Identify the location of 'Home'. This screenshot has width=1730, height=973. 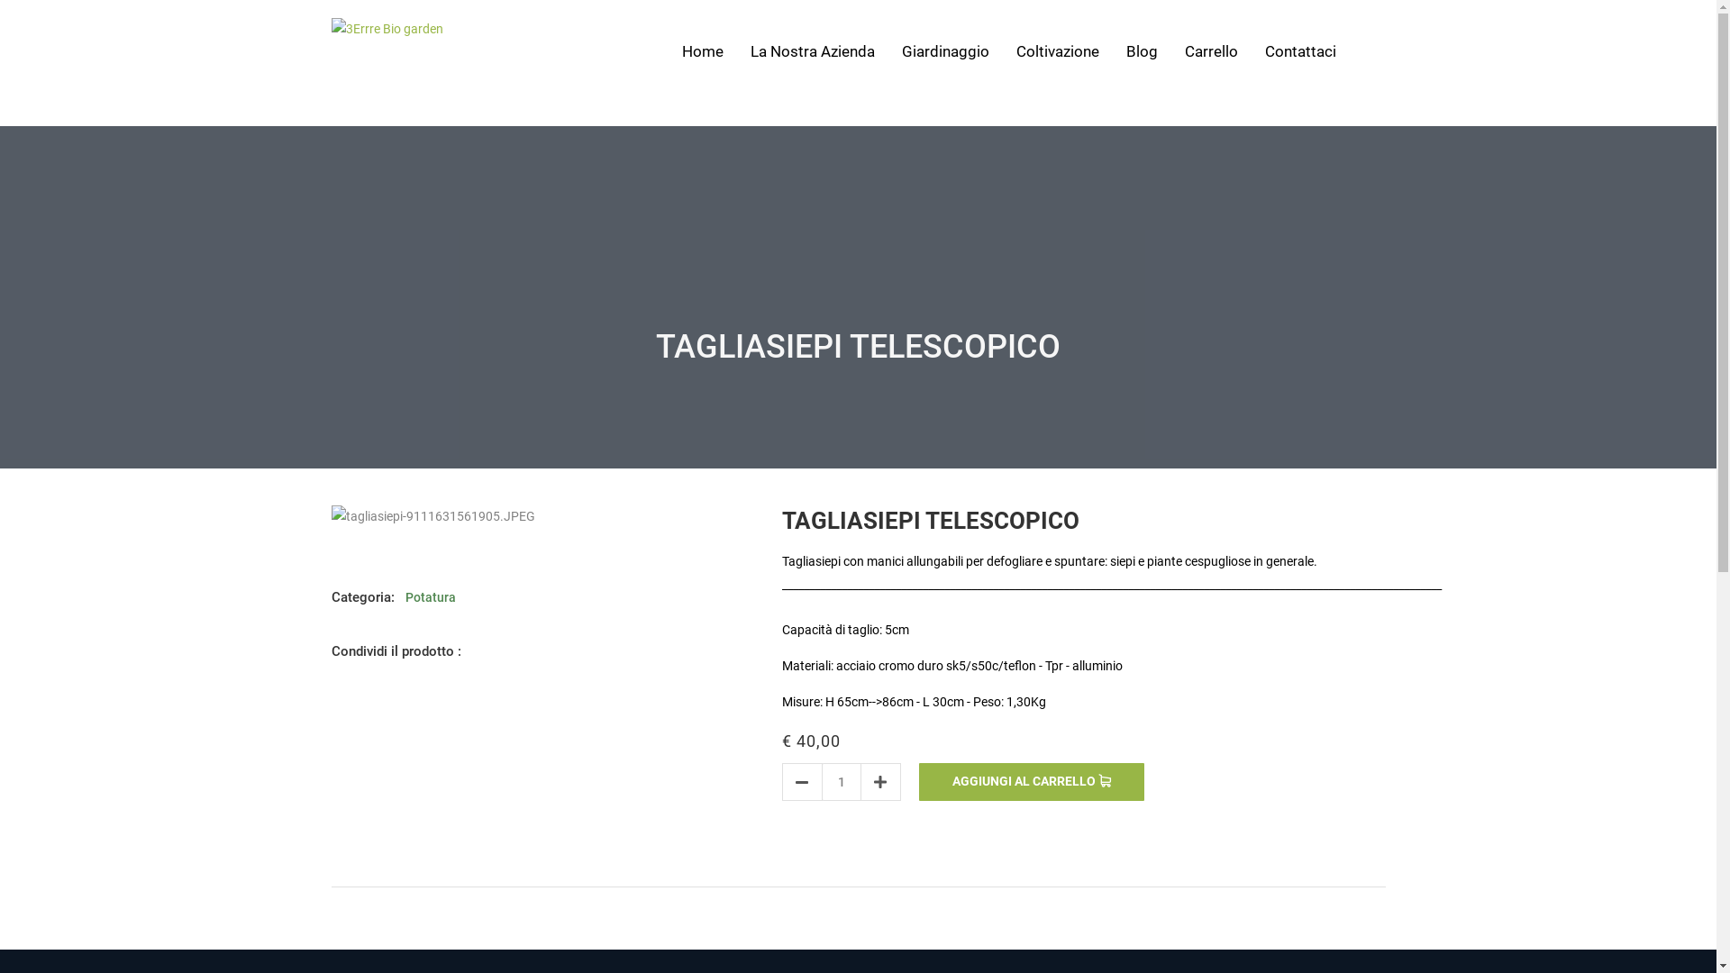
(700, 50).